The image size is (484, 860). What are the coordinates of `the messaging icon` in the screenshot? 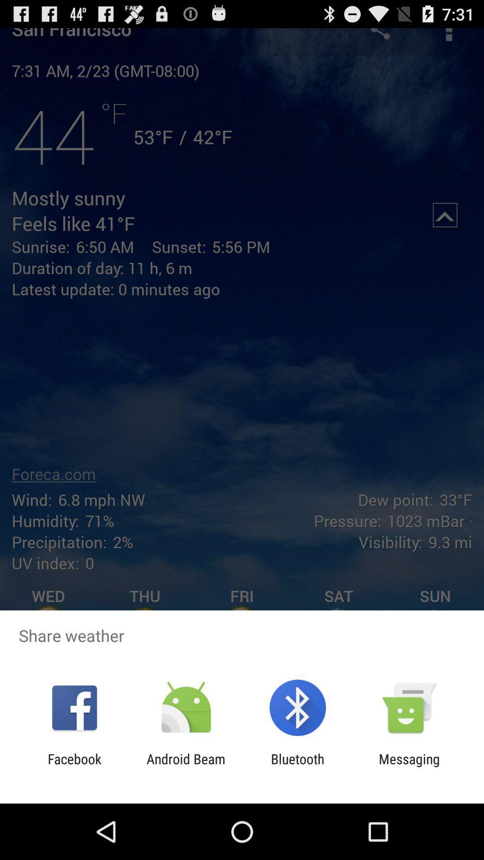 It's located at (409, 766).